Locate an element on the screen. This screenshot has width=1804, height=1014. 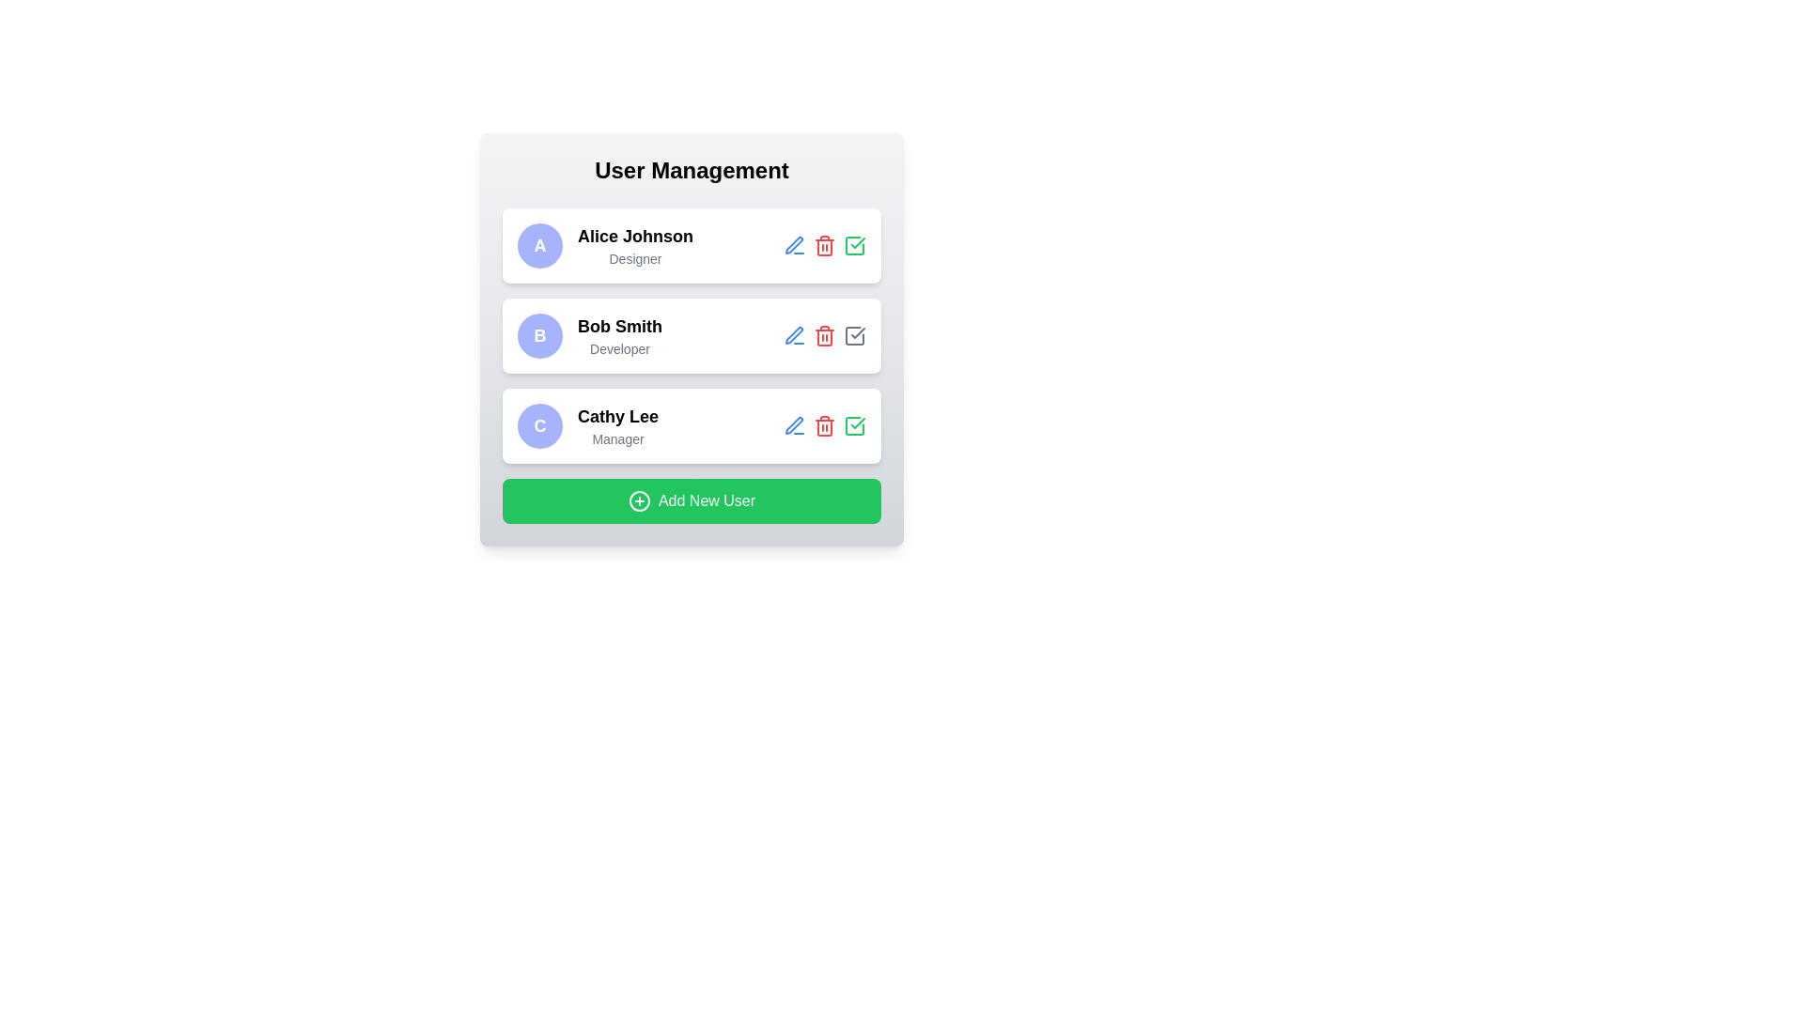
the user's name text label, which is part of the second entry in the user list and is positioned above the text 'Developer' and to the right of the circular icon containing 'B' is located at coordinates (620, 325).